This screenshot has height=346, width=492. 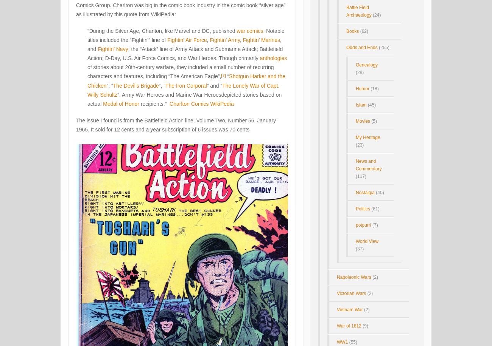 I want to click on 'Army War Heroes', so click(x=142, y=94).